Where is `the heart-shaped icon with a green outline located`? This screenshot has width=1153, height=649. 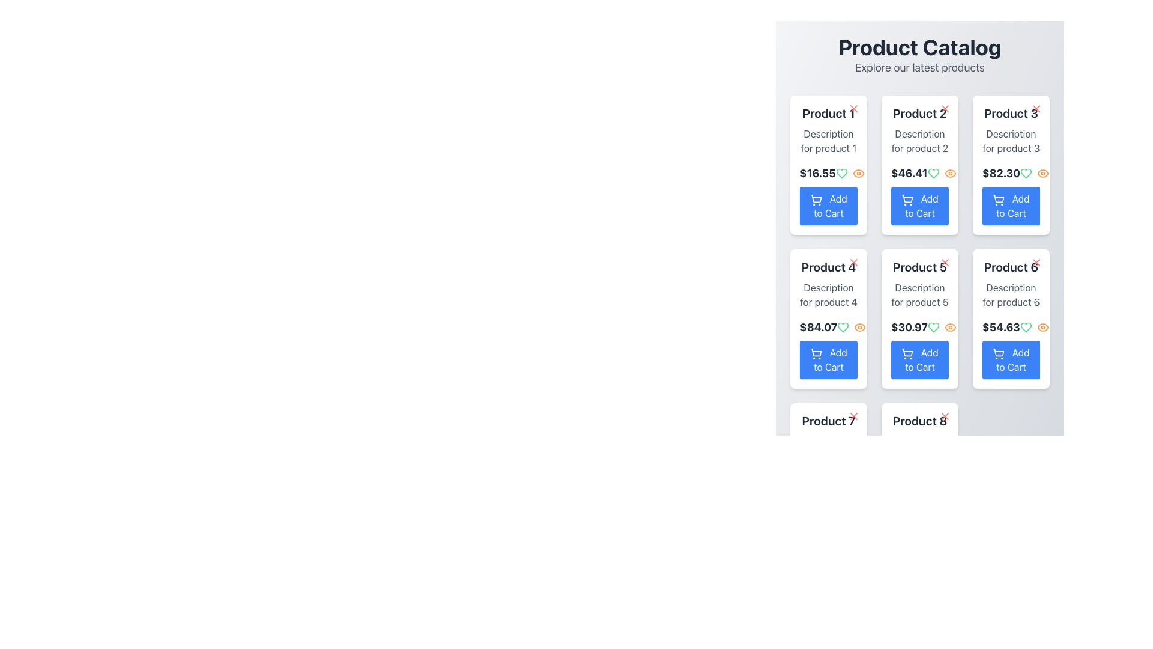 the heart-shaped icon with a green outline located is located at coordinates (1025, 327).